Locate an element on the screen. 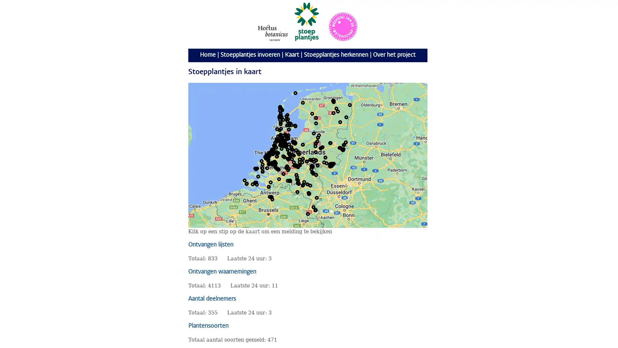 The image size is (618, 348). Telling van op 13 december 2021 is located at coordinates (272, 163).